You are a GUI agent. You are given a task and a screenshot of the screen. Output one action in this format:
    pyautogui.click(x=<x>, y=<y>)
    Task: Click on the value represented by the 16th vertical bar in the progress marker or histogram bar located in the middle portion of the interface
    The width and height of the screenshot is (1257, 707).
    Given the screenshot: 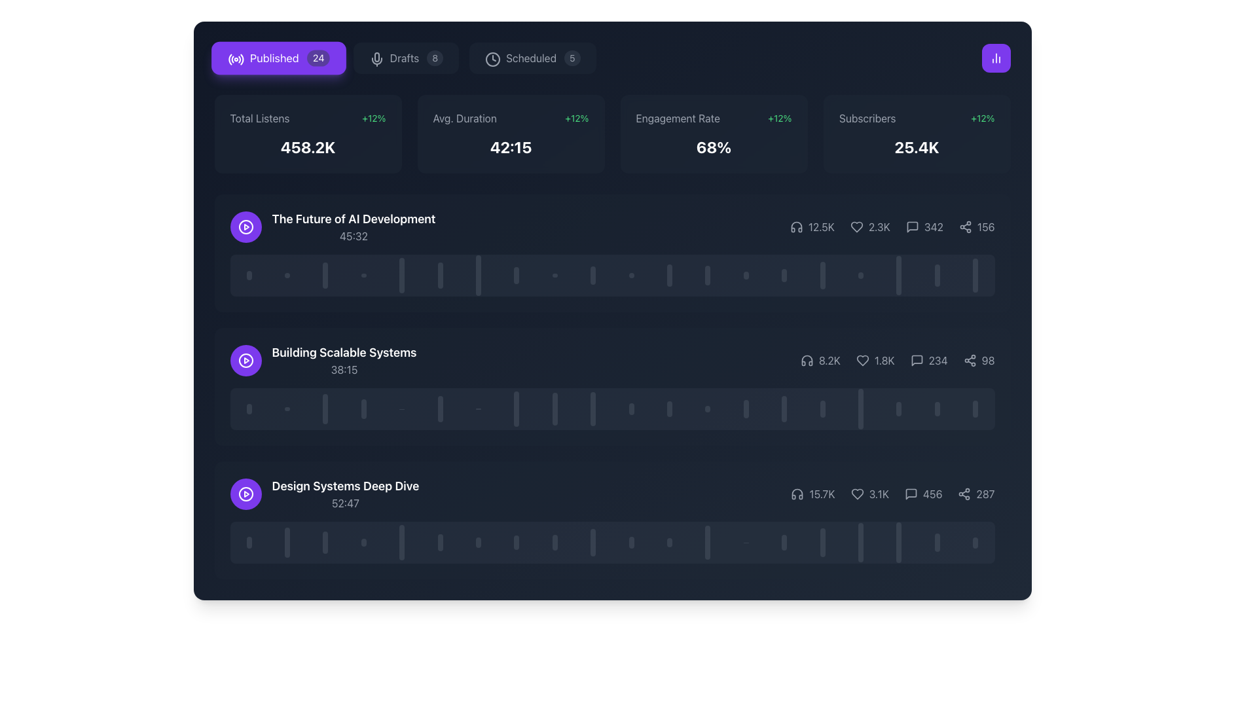 What is the action you would take?
    pyautogui.click(x=822, y=408)
    